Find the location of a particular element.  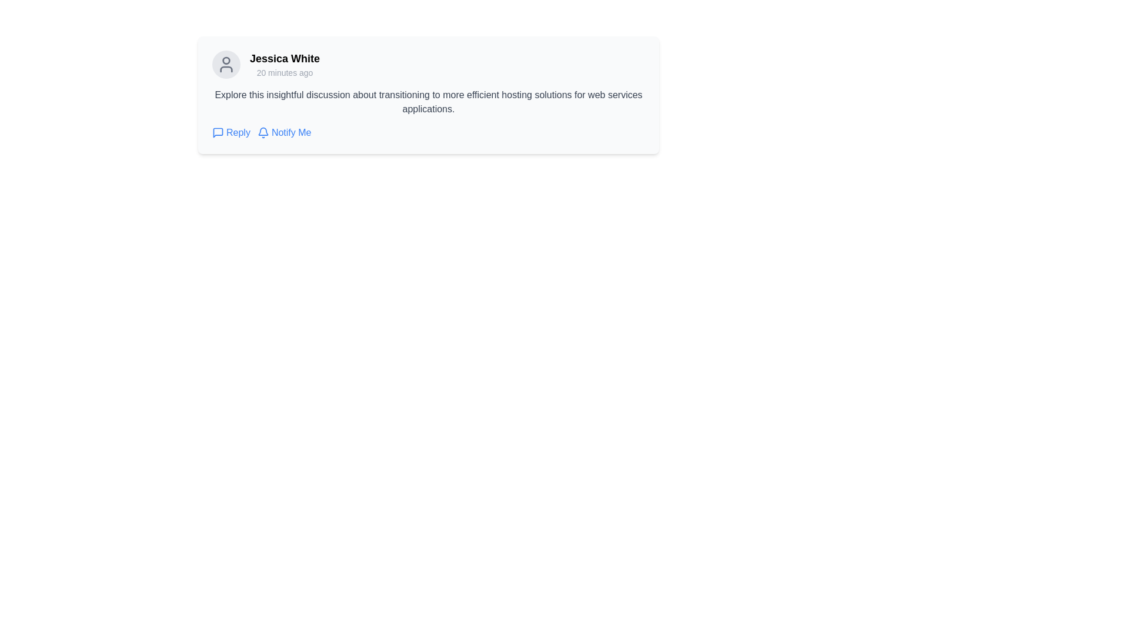

the 'Notify Me' button located at the bottom of the card labeled 'Jessica White' to subscribe to notifications is located at coordinates (428, 132).